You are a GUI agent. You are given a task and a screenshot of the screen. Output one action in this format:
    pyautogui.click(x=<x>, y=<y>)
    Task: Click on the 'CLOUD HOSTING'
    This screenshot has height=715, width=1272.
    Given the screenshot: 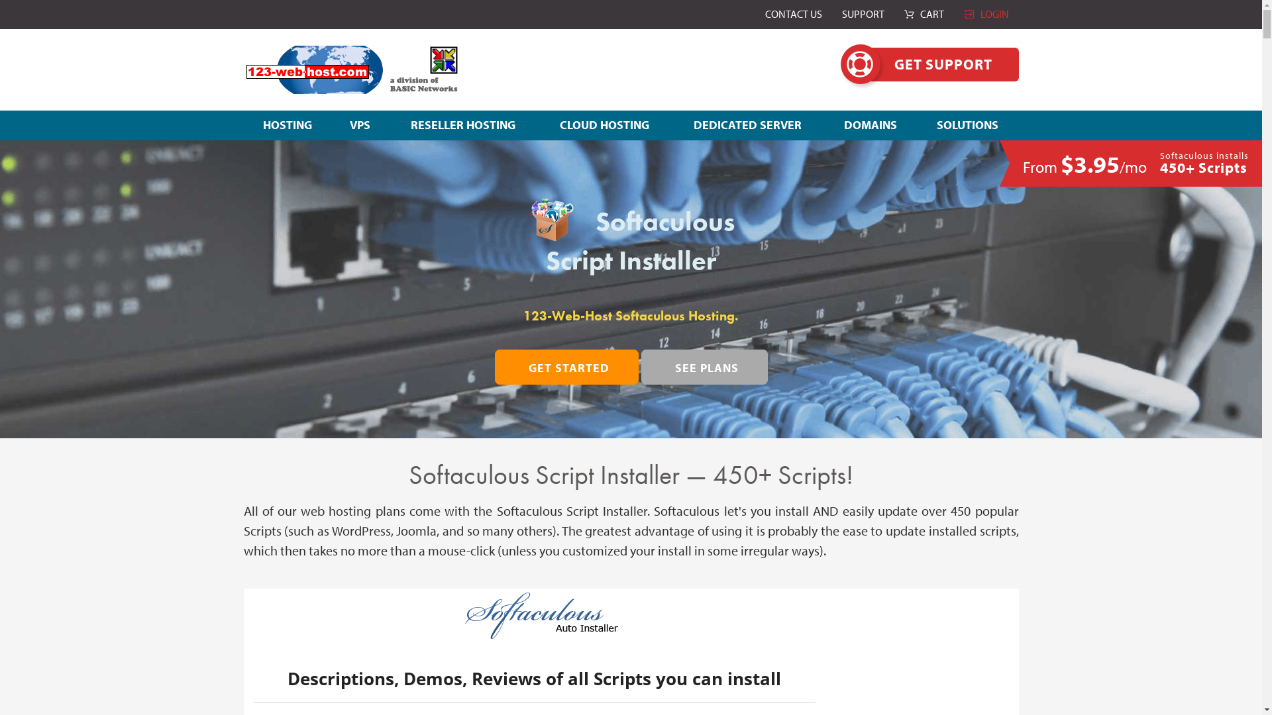 What is the action you would take?
    pyautogui.click(x=604, y=124)
    